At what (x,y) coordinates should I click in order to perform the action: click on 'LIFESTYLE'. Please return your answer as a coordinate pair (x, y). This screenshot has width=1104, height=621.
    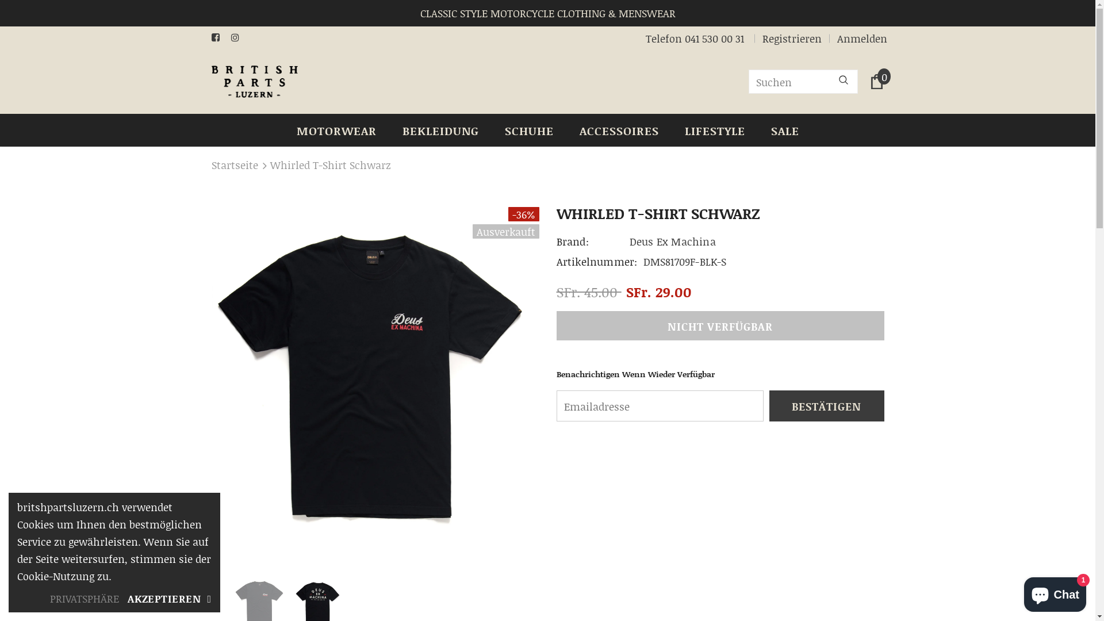
    Looking at the image, I should click on (714, 129).